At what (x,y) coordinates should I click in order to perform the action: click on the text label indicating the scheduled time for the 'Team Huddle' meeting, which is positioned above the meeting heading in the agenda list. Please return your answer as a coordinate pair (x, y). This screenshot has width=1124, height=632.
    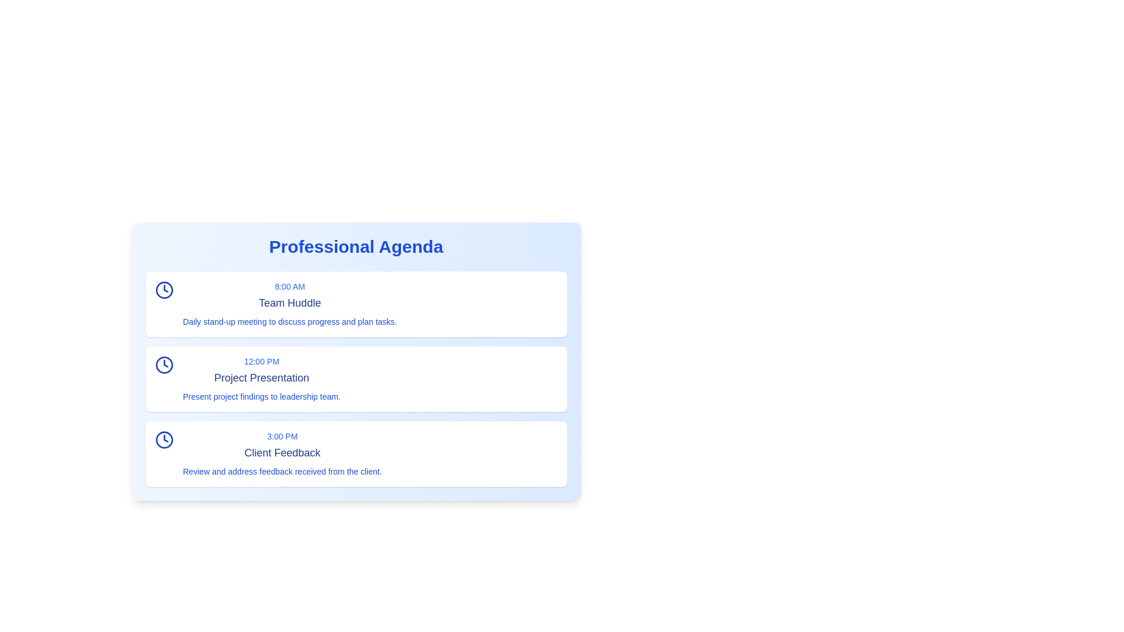
    Looking at the image, I should click on (290, 286).